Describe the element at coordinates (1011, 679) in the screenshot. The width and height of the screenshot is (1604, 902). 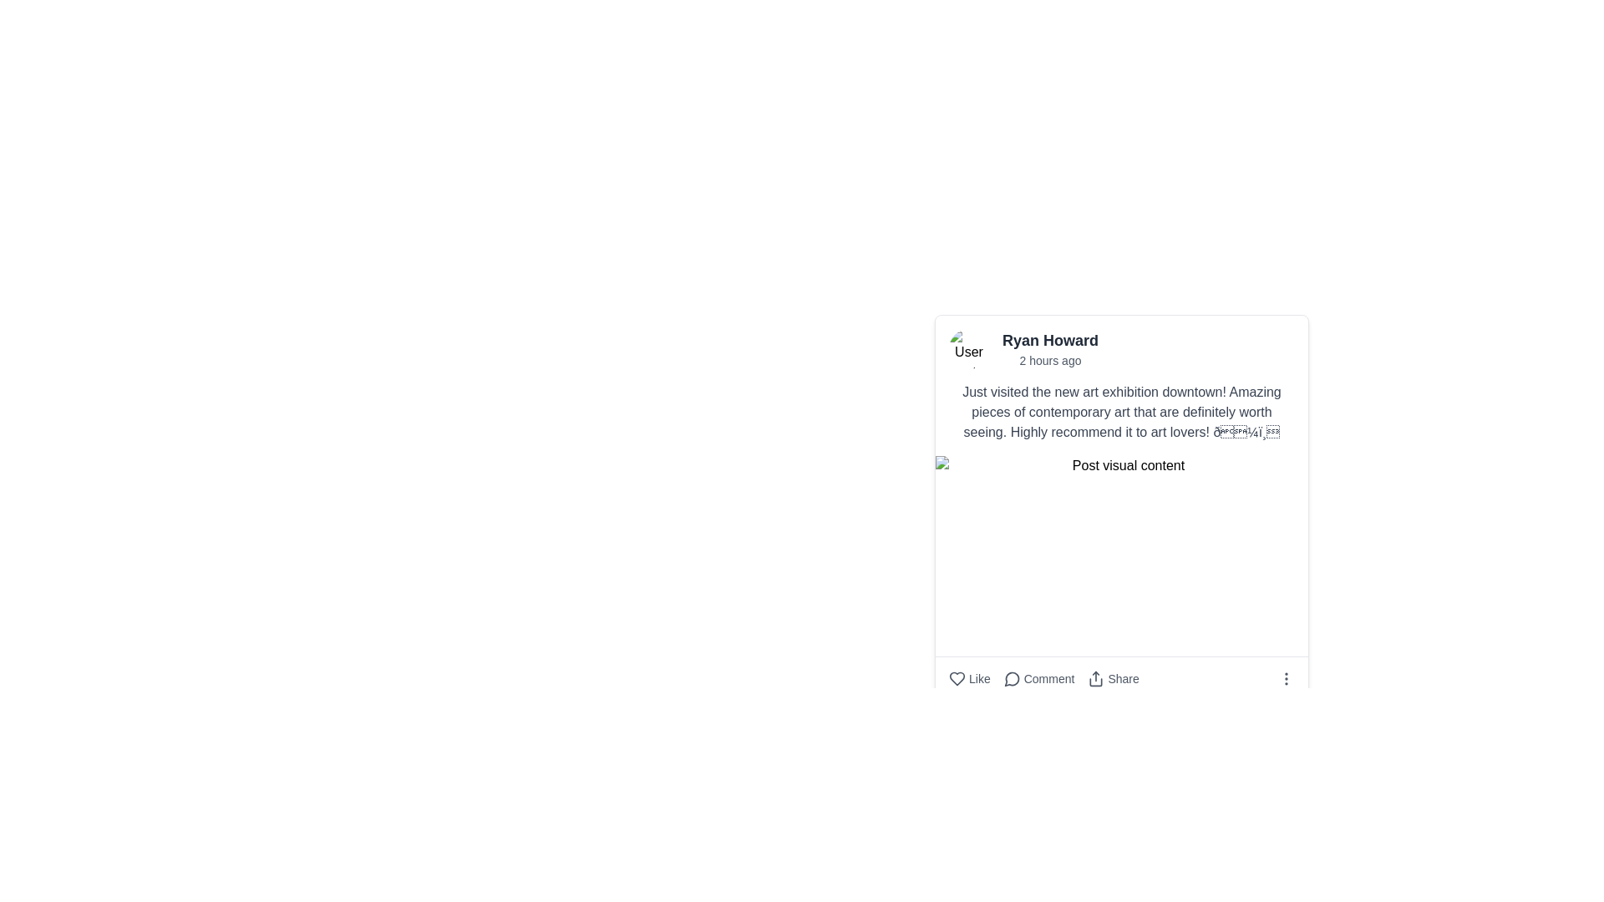
I see `the circular speech bubble icon located at the bottom of the post` at that location.